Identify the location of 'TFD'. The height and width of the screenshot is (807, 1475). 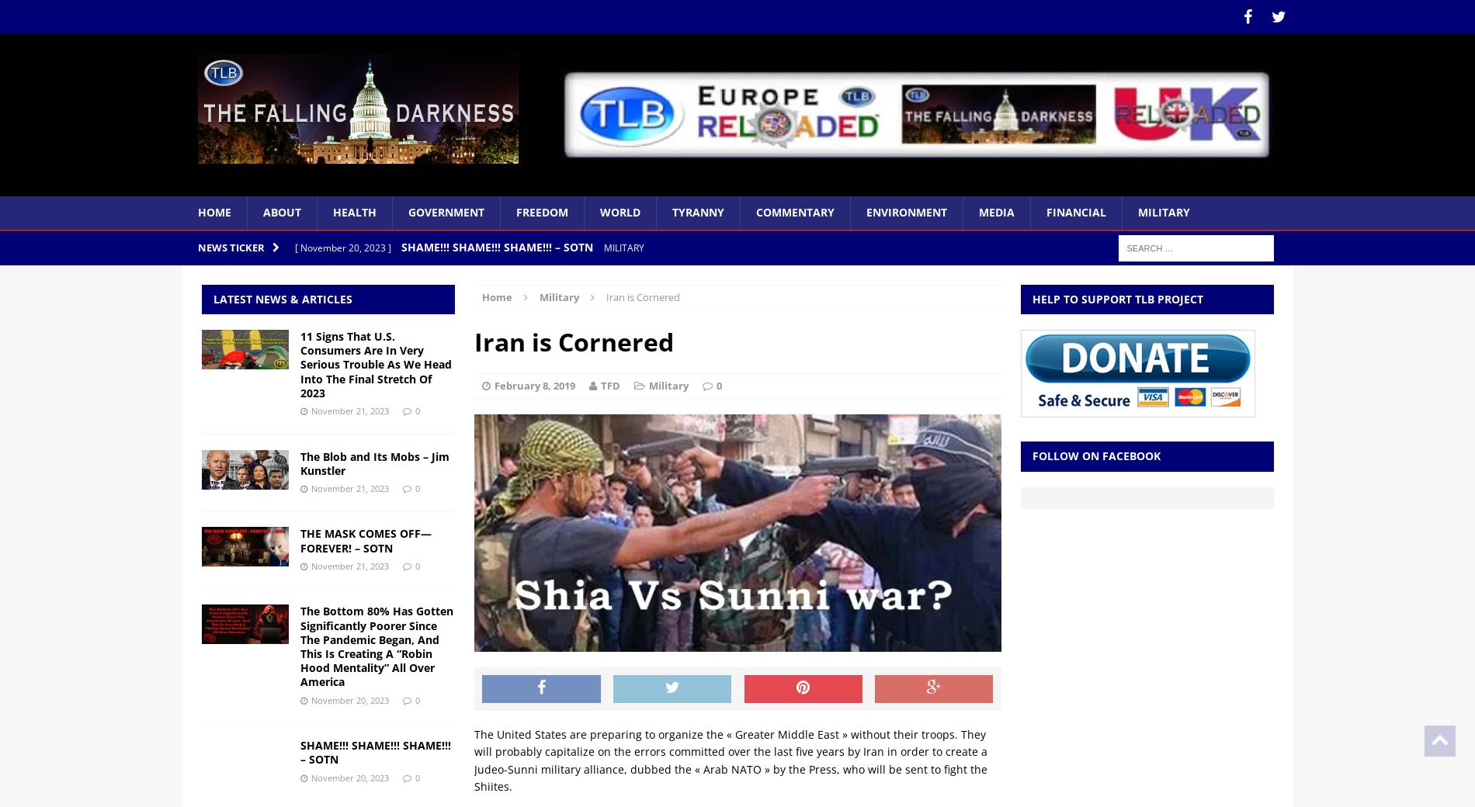
(609, 386).